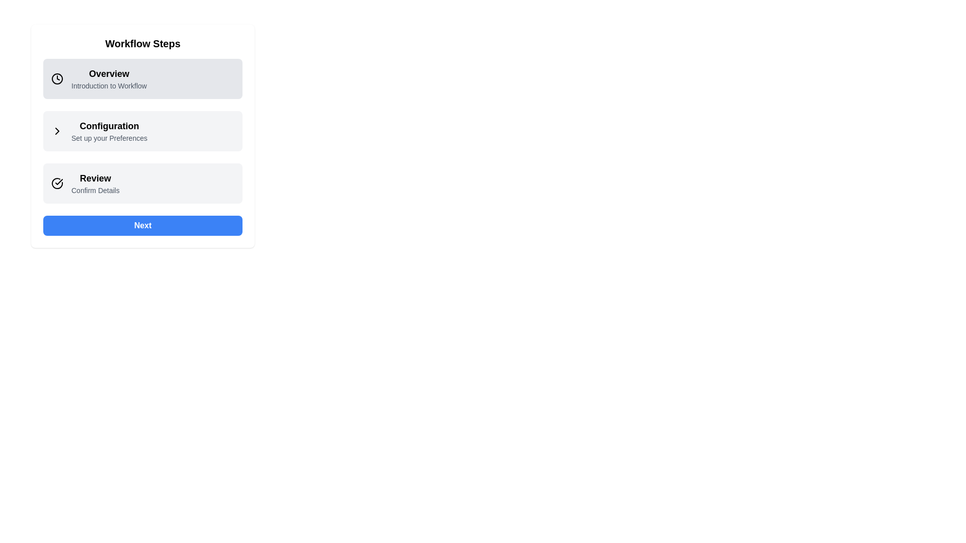 The image size is (966, 543). I want to click on the 'Review' step label displayed in the third entry of the vertical list of steps in the 'Workflow Steps' section, so click(95, 184).